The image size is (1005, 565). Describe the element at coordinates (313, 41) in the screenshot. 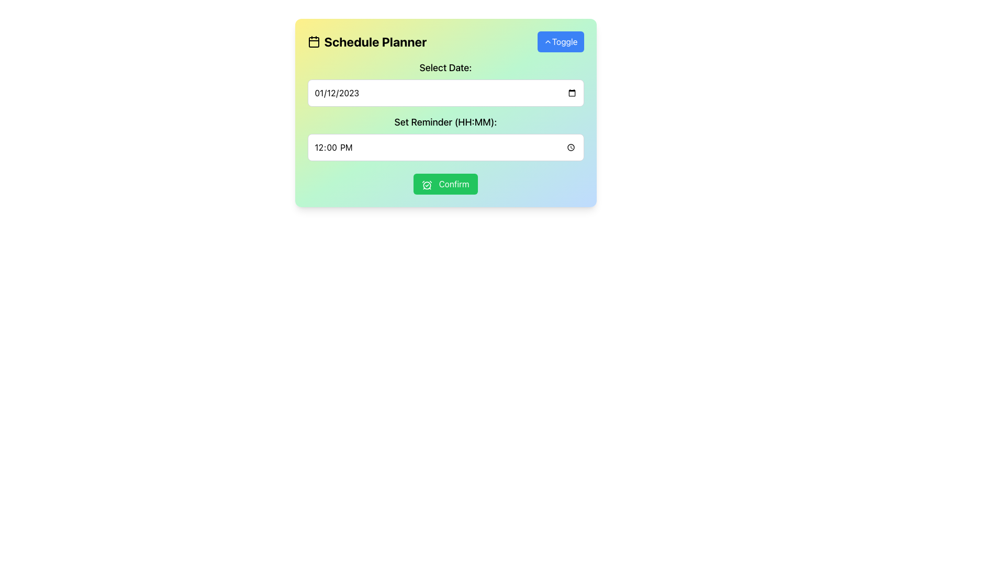

I see `the calendar icon located next to the 'Schedule Planner' title, which features a simplistic design with two vertical lines at the top and a rounded boxy outline` at that location.